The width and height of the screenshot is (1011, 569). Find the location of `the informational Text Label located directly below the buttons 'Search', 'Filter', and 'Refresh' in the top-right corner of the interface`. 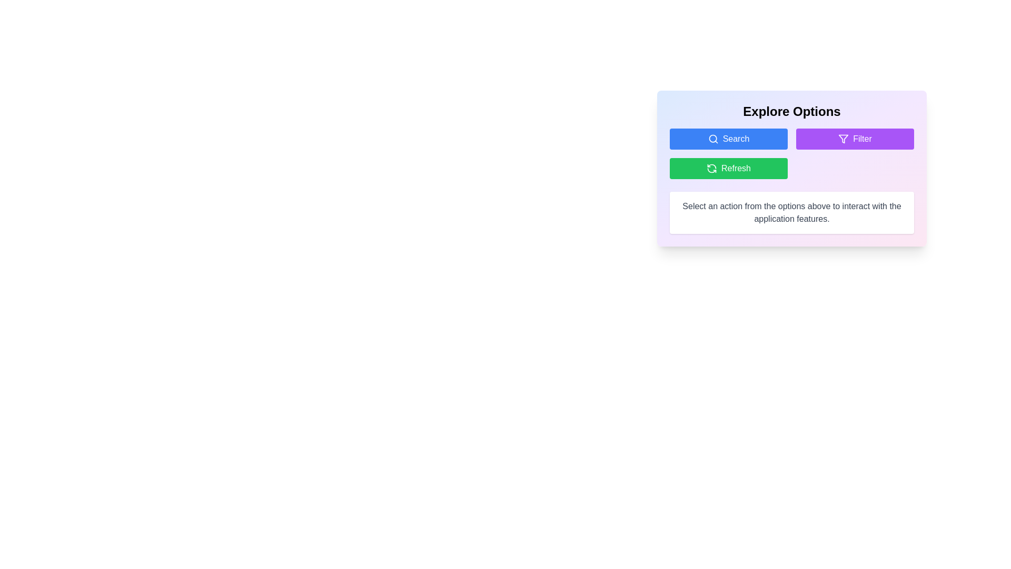

the informational Text Label located directly below the buttons 'Search', 'Filter', and 'Refresh' in the top-right corner of the interface is located at coordinates (791, 213).